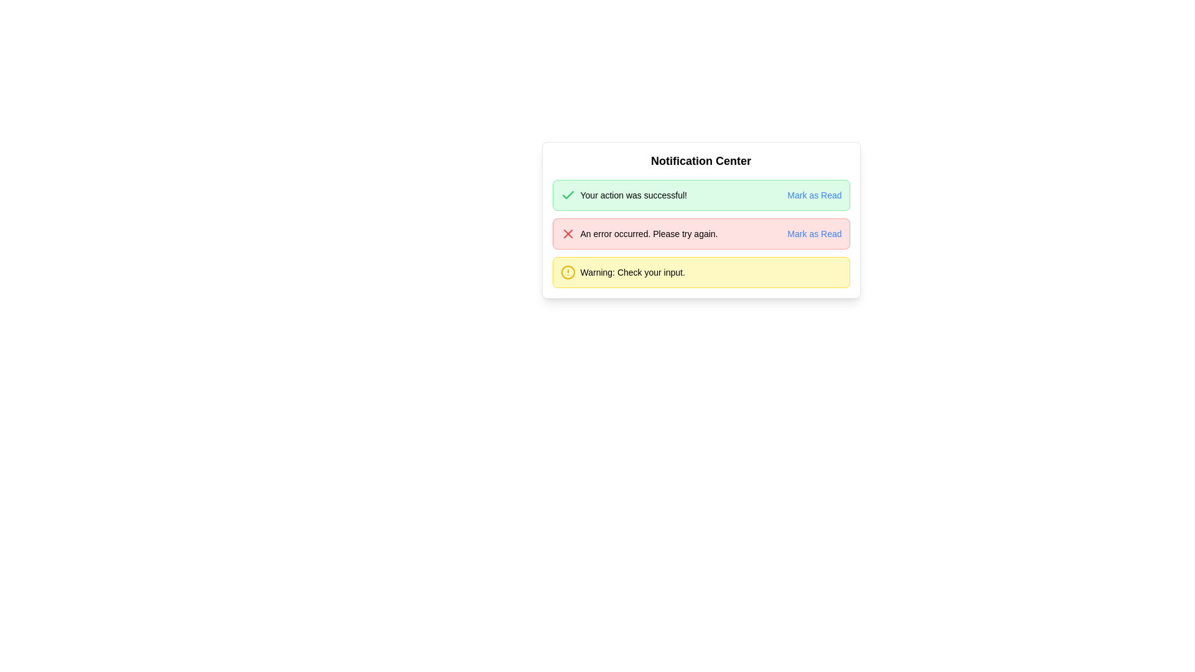  Describe the element at coordinates (632, 272) in the screenshot. I see `the warning message text label located near the bottom of the notification list, positioned to the right of the cautionary alert icon` at that location.